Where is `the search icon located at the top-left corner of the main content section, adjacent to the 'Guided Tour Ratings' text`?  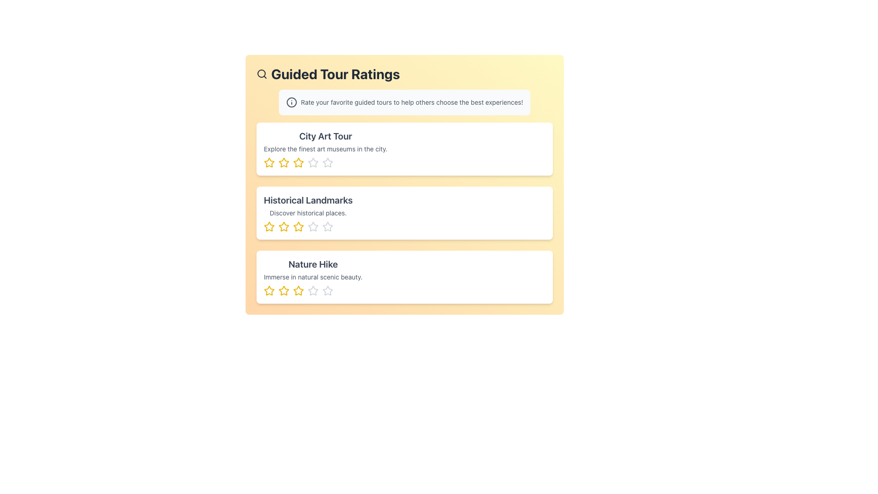
the search icon located at the top-left corner of the main content section, adjacent to the 'Guided Tour Ratings' text is located at coordinates (261, 74).